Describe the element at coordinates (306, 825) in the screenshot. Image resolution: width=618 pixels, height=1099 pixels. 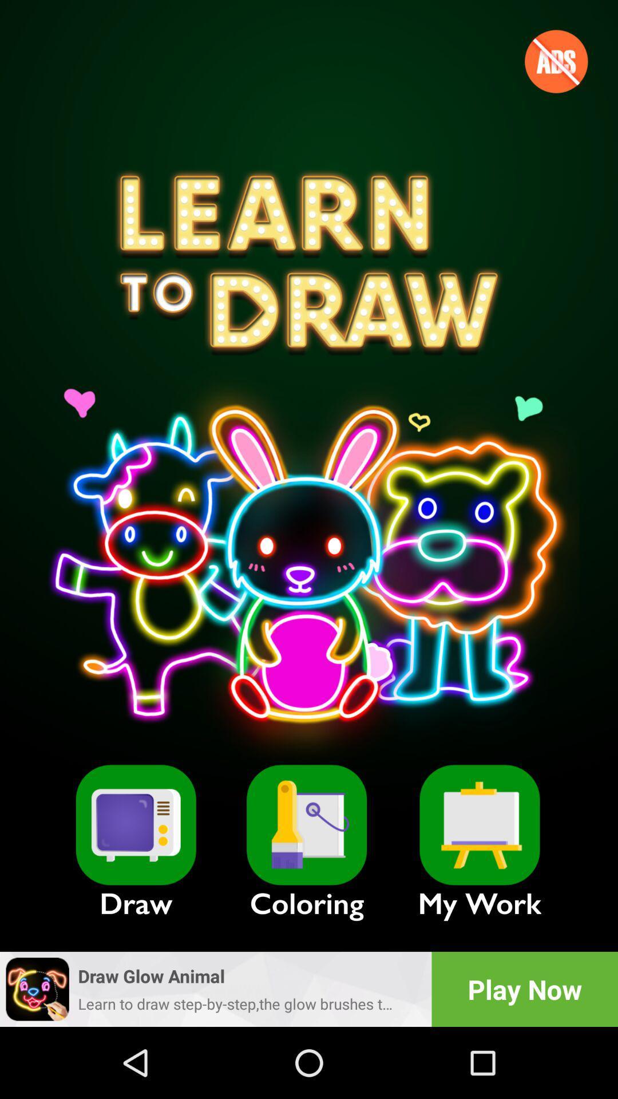
I see `the folder icon` at that location.